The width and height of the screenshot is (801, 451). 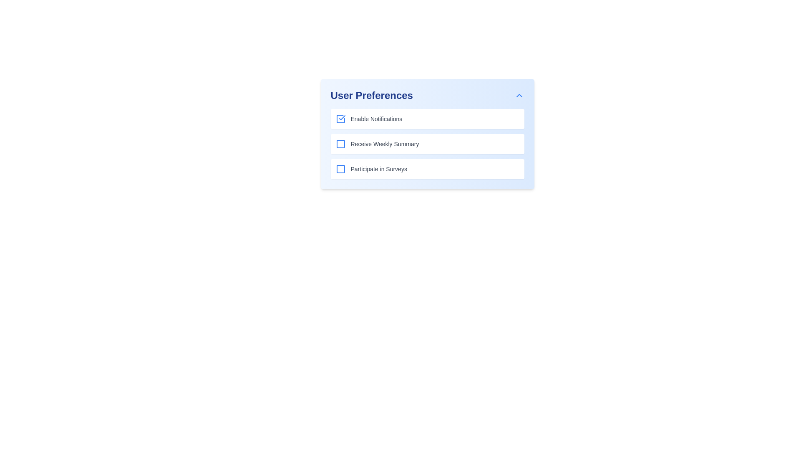 I want to click on the visual state of the 'Receive Weekly Summary' checkbox indicator graphic, which is located in the second checkbox under the 'User Preferences' header, so click(x=340, y=143).